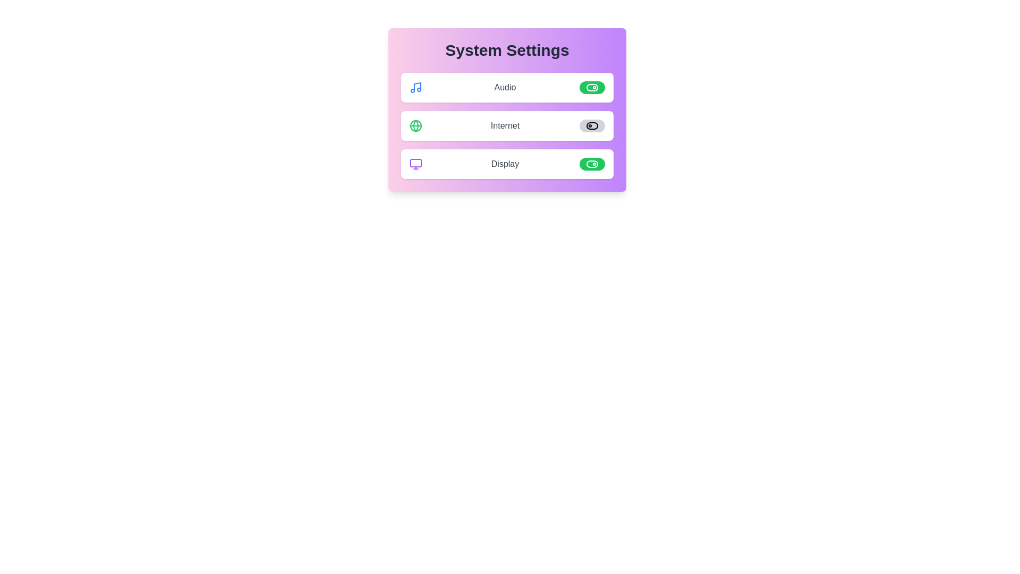  What do you see at coordinates (591, 164) in the screenshot?
I see `the green-colored toggle switch with rounded corners located at the right end of the 'Display' row in the 'System Settings' card` at bounding box center [591, 164].